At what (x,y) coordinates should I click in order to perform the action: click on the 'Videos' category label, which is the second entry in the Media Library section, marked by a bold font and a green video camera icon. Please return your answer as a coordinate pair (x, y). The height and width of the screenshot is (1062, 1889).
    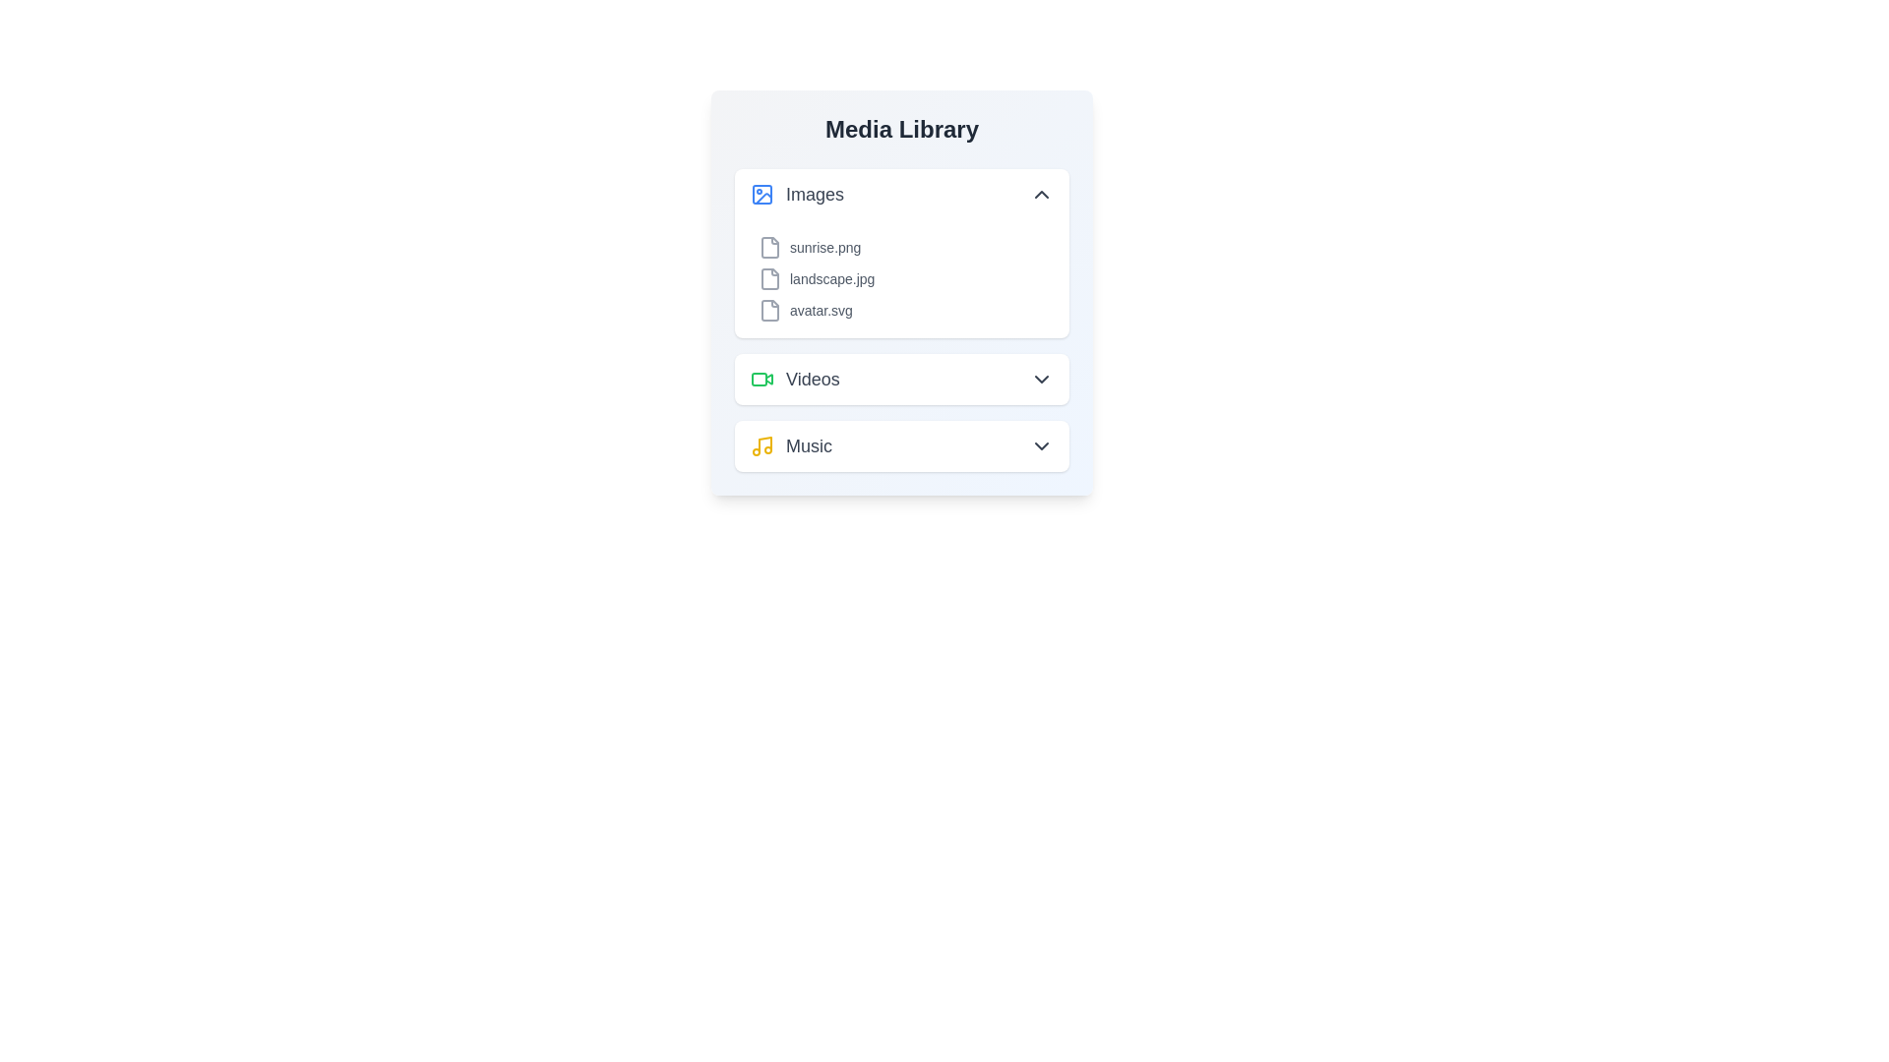
    Looking at the image, I should click on (795, 379).